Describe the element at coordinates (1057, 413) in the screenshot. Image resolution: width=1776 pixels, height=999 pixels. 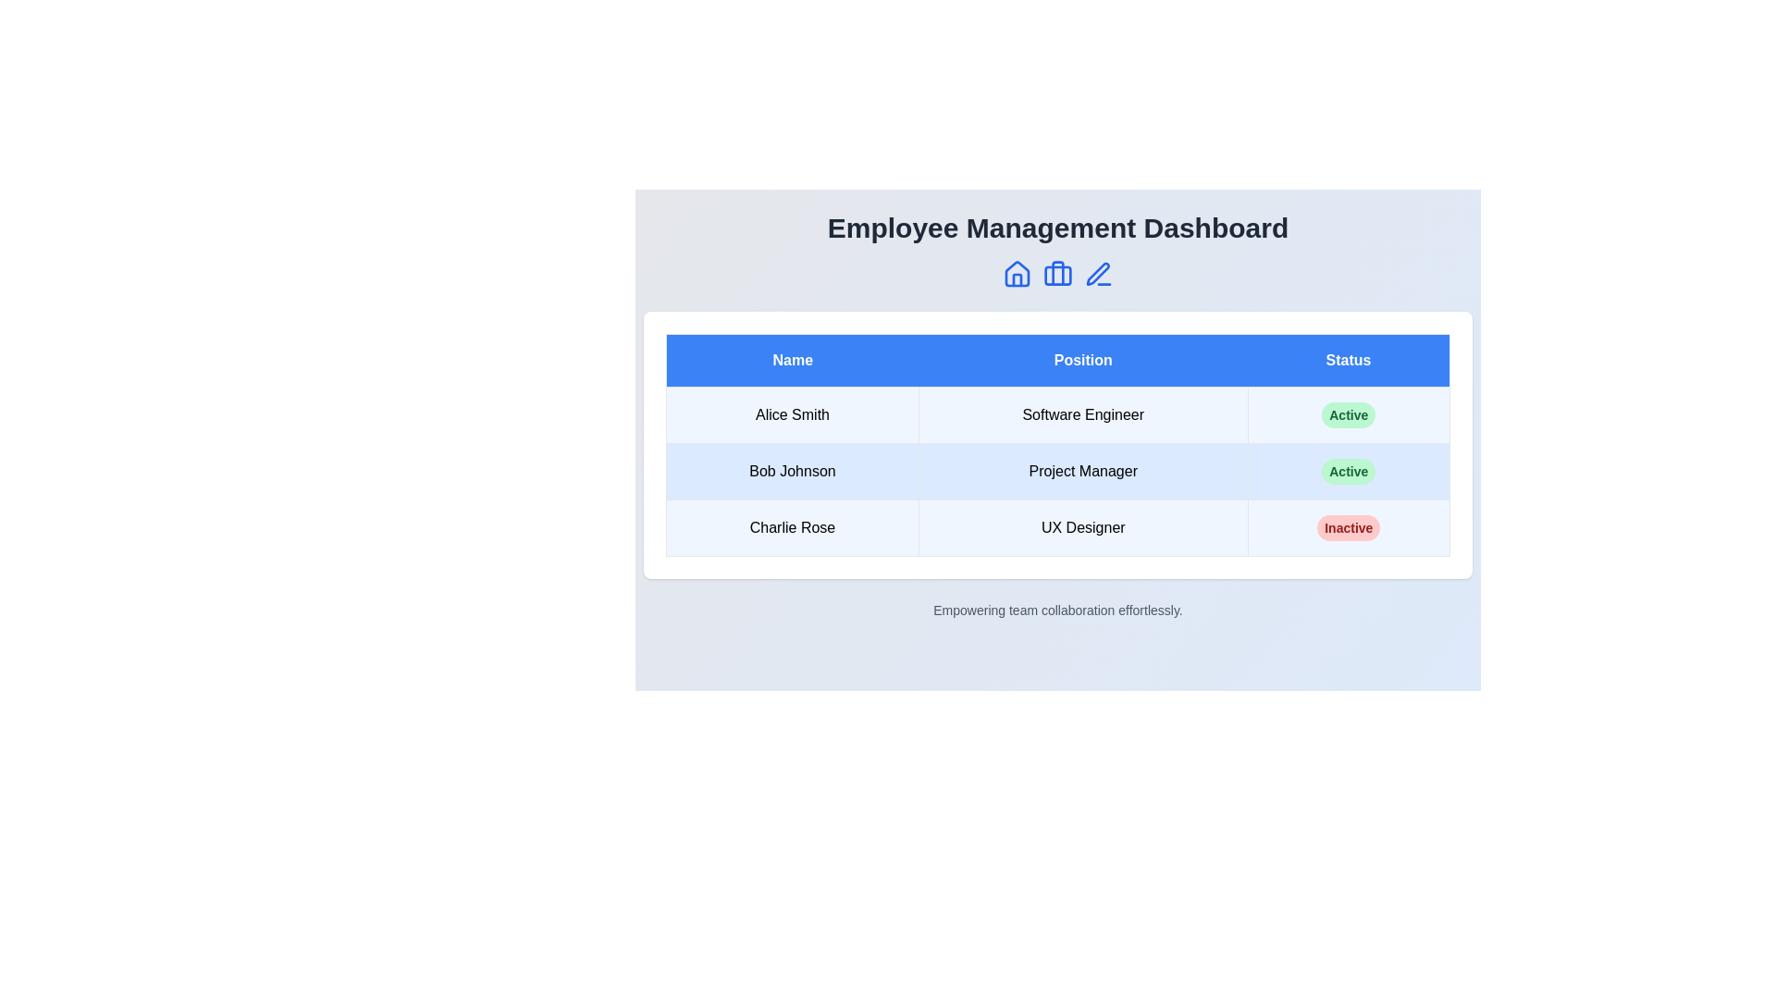
I see `information presented in the first table row regarding employee Alice Smith, who is a Software Engineer and currently active` at that location.